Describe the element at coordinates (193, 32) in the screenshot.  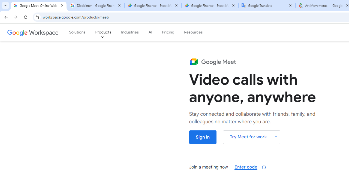
I see `'Resources'` at that location.